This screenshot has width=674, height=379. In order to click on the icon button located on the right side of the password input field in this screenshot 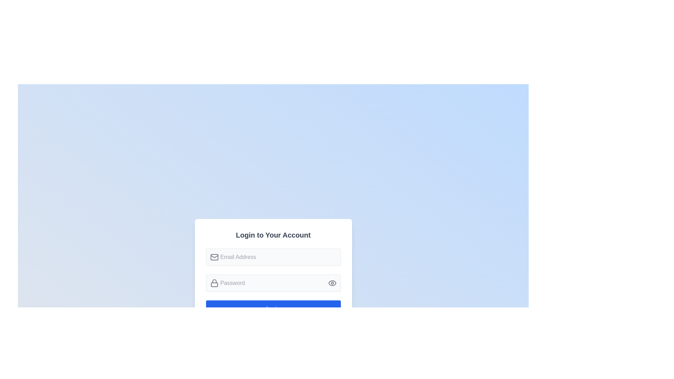, I will do `click(332, 282)`.